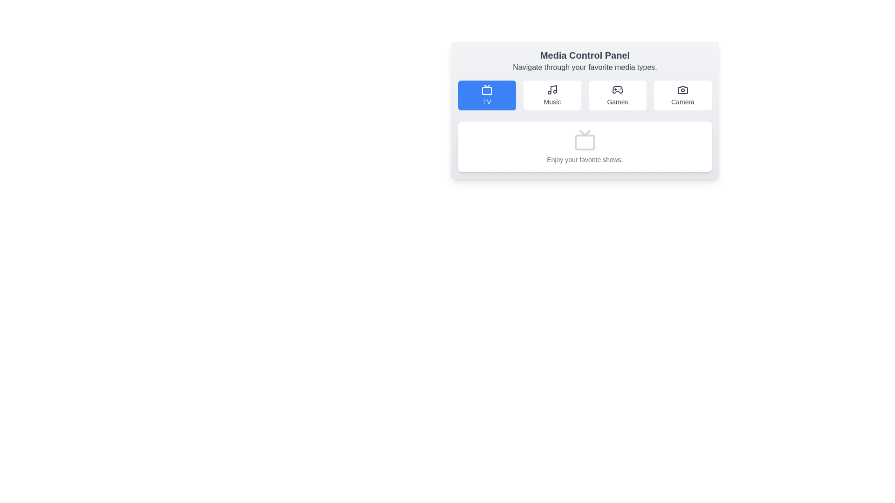 The image size is (895, 503). I want to click on the decorative graphical element representing the music icon, which is centrally located within the 'Music' button, so click(554, 89).